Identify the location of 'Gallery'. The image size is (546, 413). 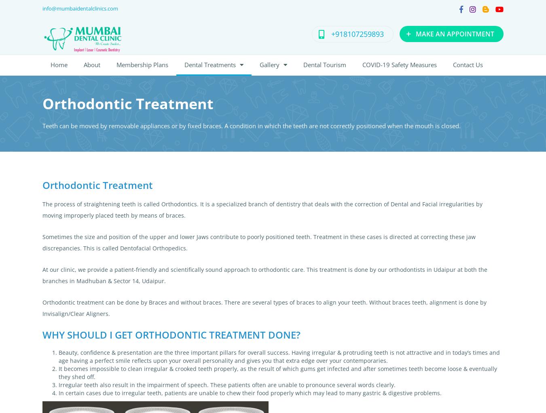
(269, 64).